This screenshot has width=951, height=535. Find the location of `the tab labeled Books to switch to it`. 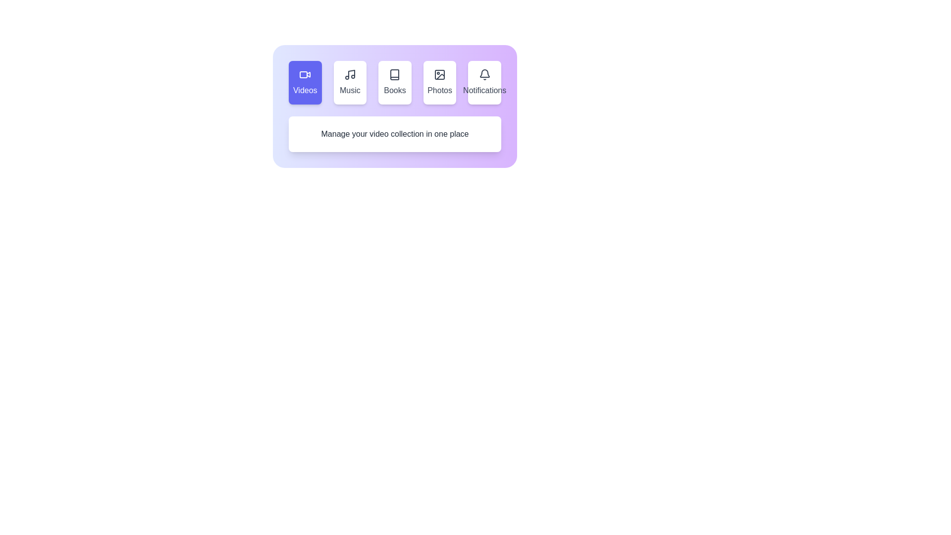

the tab labeled Books to switch to it is located at coordinates (394, 82).